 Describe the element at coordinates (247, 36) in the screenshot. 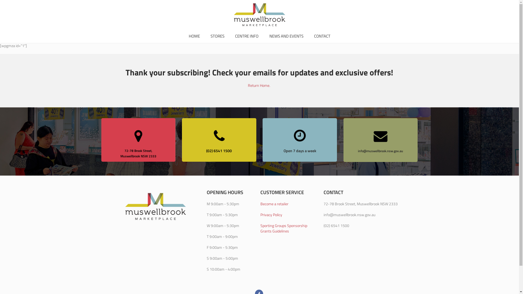

I see `'CENTRE INFO'` at that location.